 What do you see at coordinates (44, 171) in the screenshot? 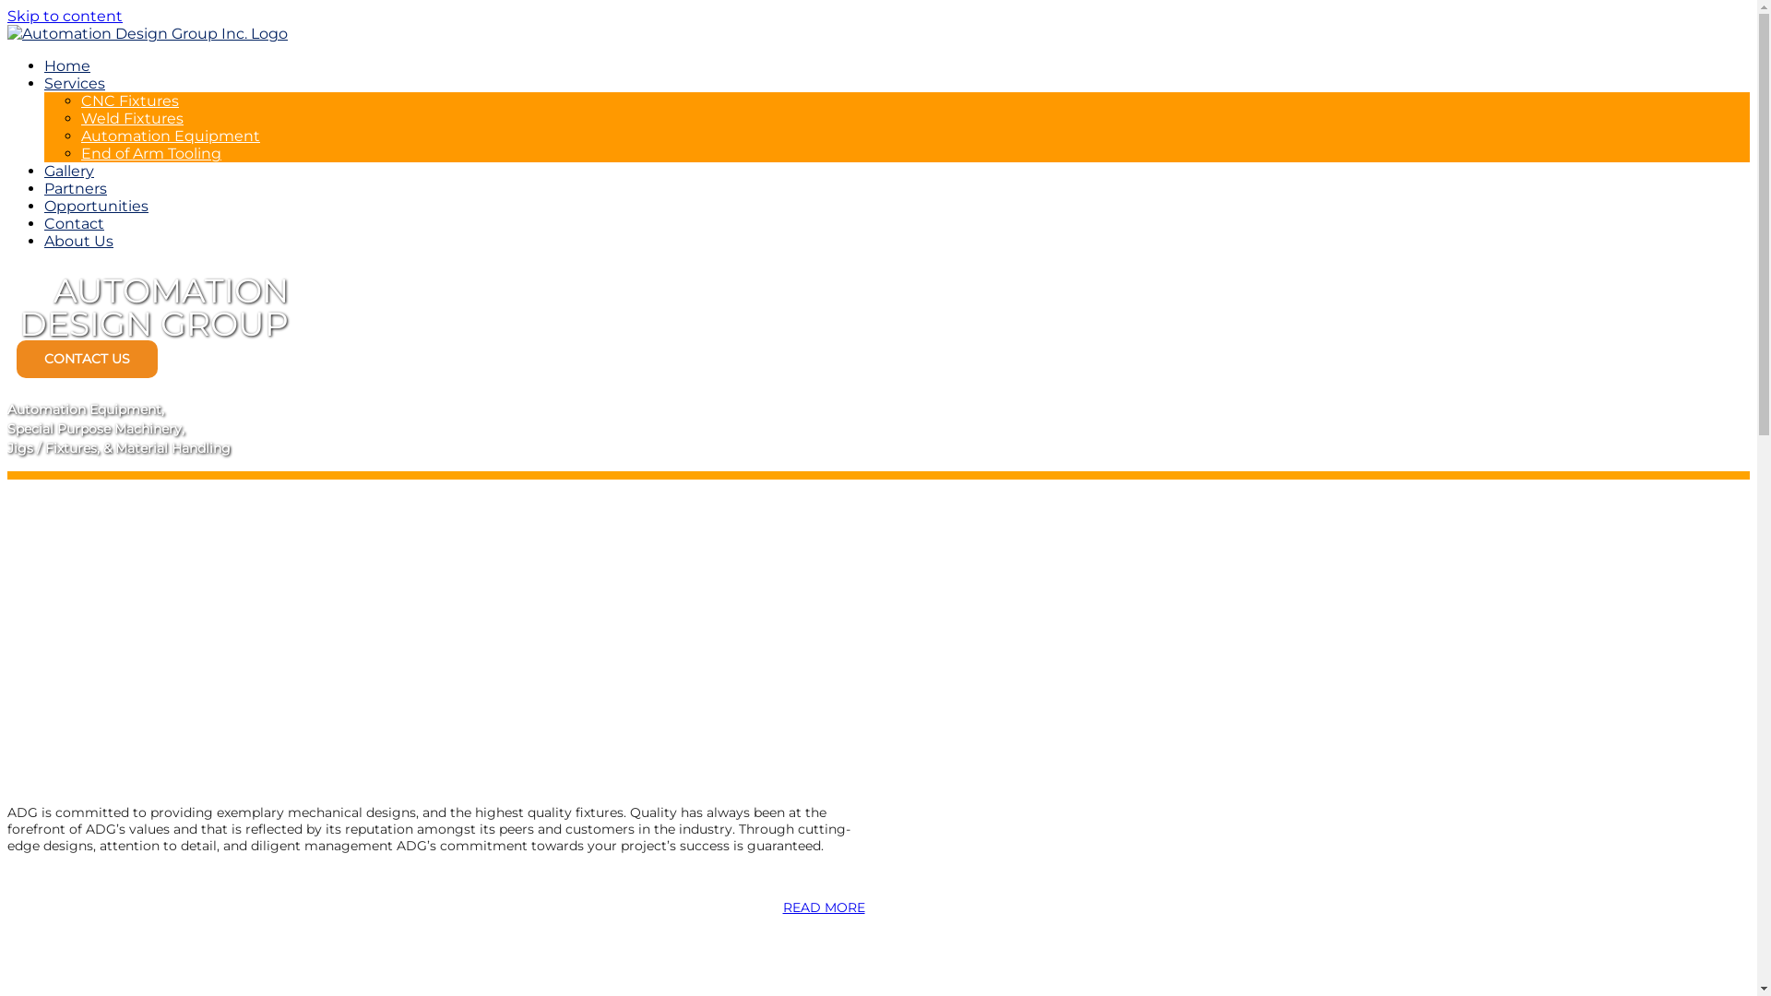
I see `'Gallery'` at bounding box center [44, 171].